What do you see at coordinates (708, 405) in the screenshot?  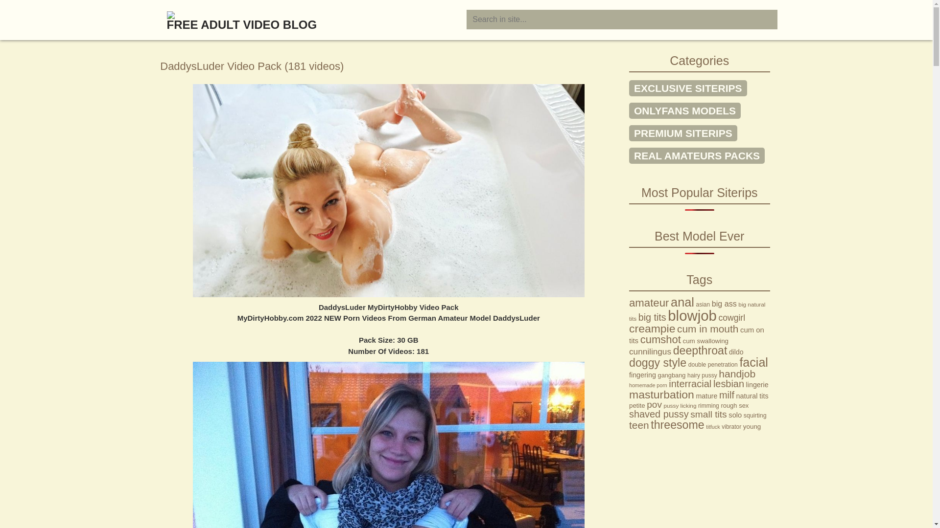 I see `'rimming'` at bounding box center [708, 405].